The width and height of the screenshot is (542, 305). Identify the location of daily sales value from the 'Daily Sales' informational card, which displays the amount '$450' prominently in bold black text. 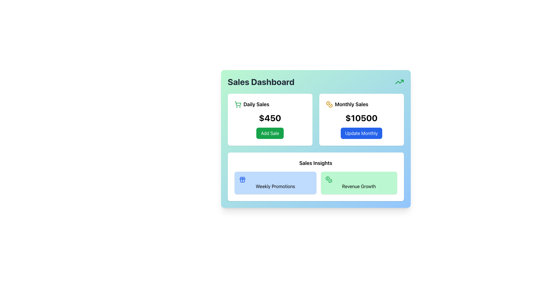
(270, 119).